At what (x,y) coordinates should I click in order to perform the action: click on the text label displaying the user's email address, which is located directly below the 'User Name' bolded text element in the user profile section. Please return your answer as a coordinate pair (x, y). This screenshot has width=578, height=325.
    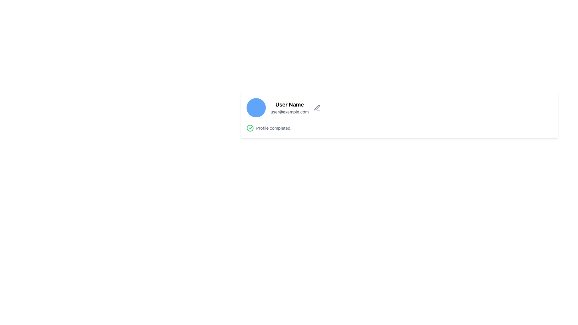
    Looking at the image, I should click on (290, 112).